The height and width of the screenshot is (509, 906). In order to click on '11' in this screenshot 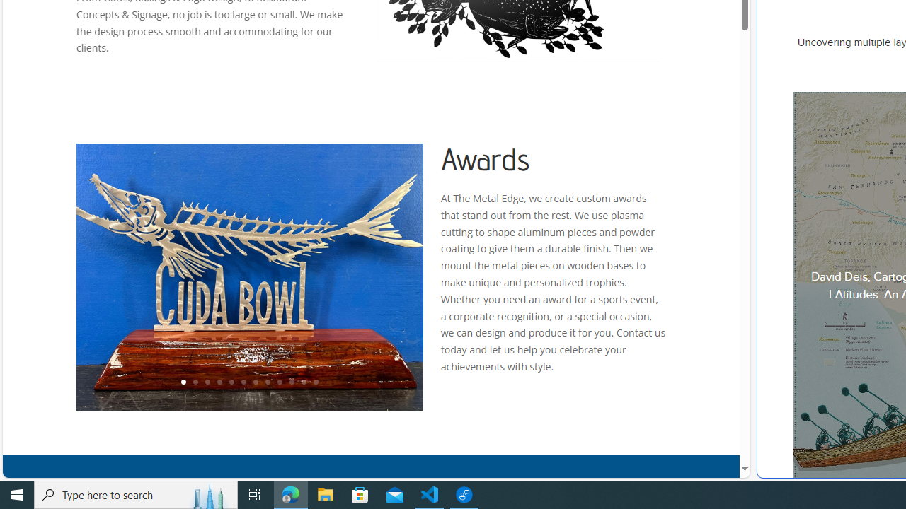, I will do `click(302, 382)`.